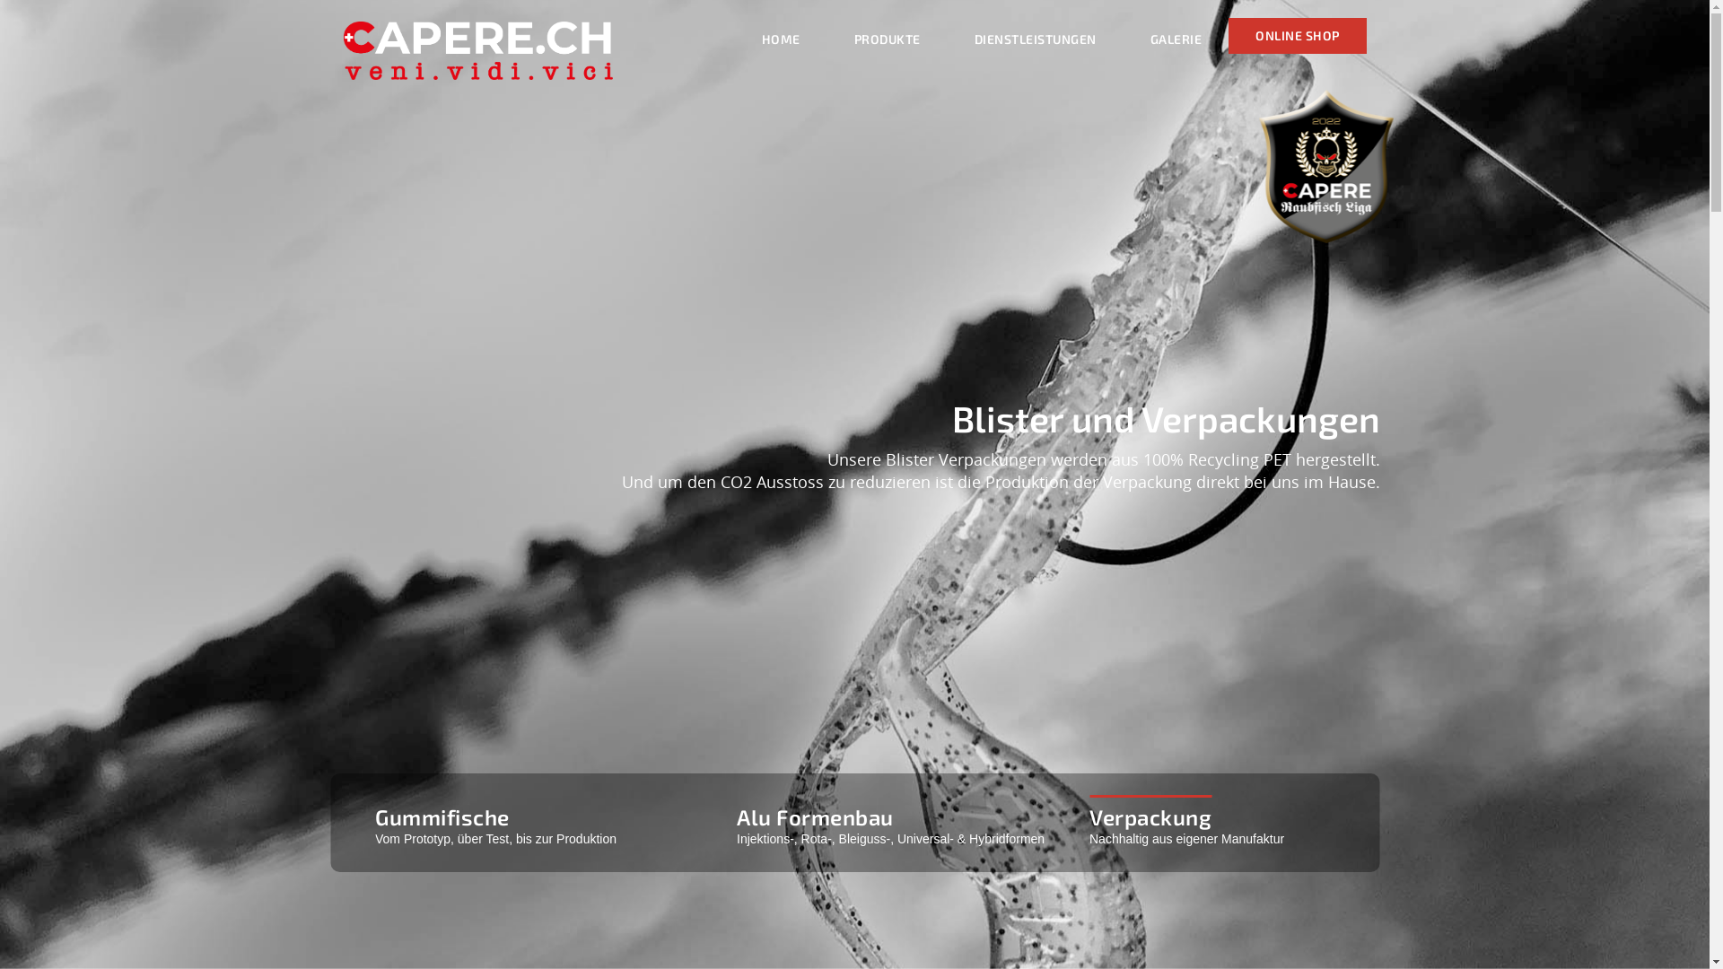  I want to click on 'GALERIE', so click(1176, 39).